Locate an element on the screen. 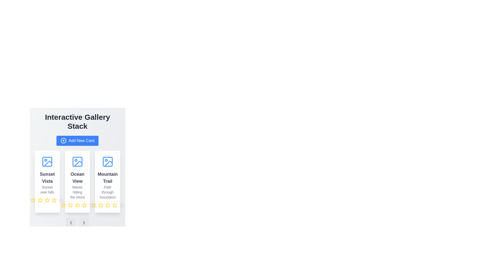 Image resolution: width=480 pixels, height=270 pixels. the second button in the horizontally arranged button group below the gallery is located at coordinates (84, 222).